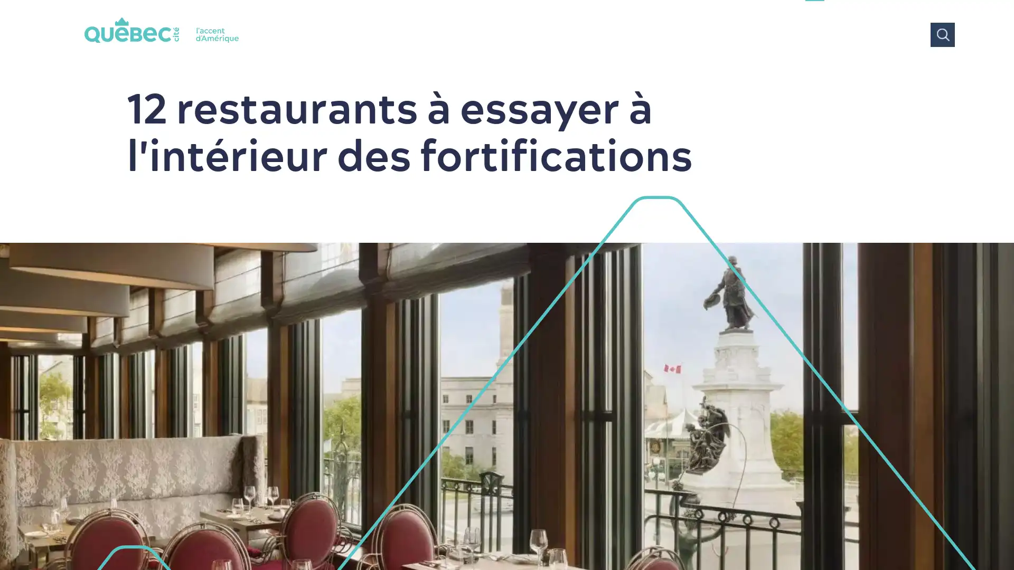 The height and width of the screenshot is (570, 1014). What do you see at coordinates (980, 75) in the screenshot?
I see `Tous` at bounding box center [980, 75].